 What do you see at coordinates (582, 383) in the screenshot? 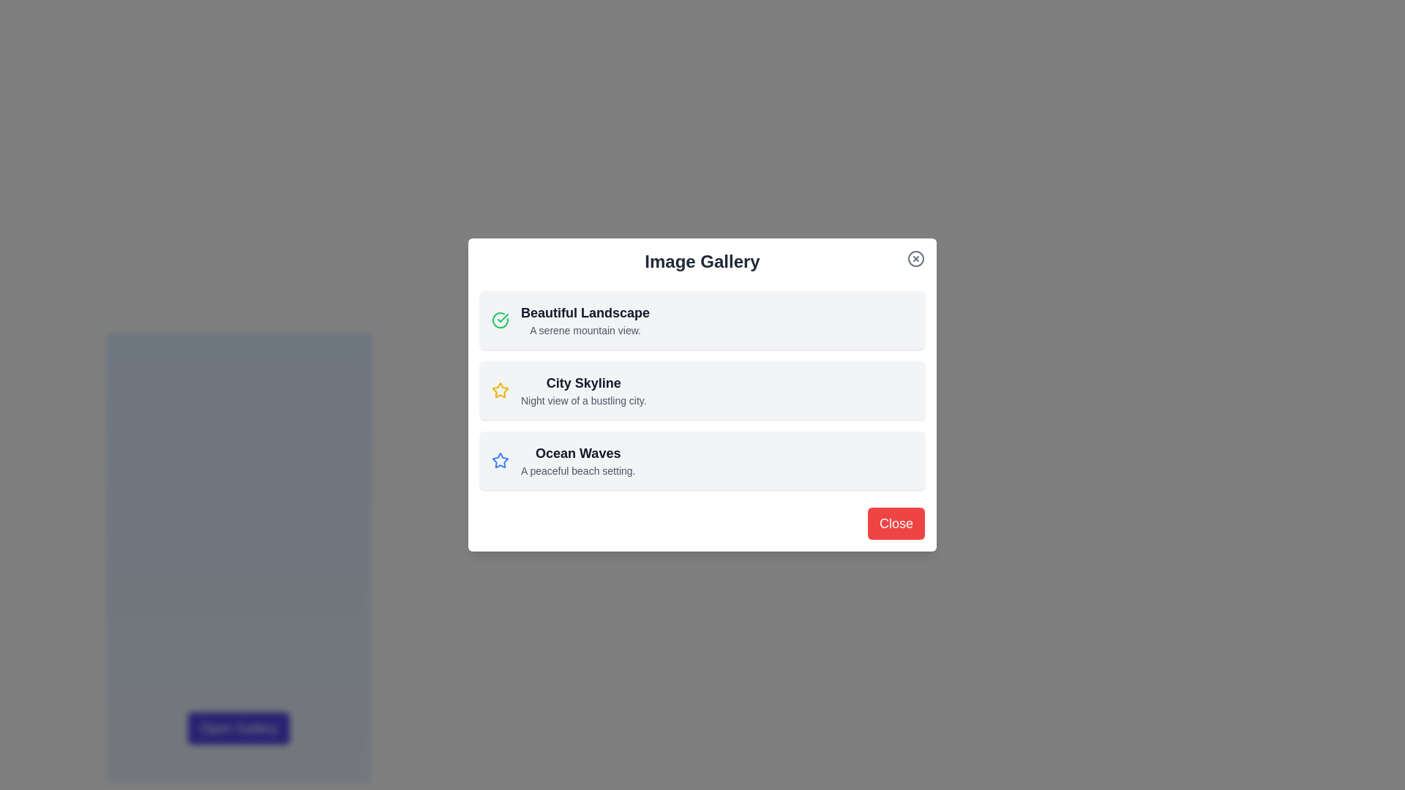
I see `the static text element that serves as a title or header for the gallery item, located in the modal titled 'Image Gallery'` at bounding box center [582, 383].